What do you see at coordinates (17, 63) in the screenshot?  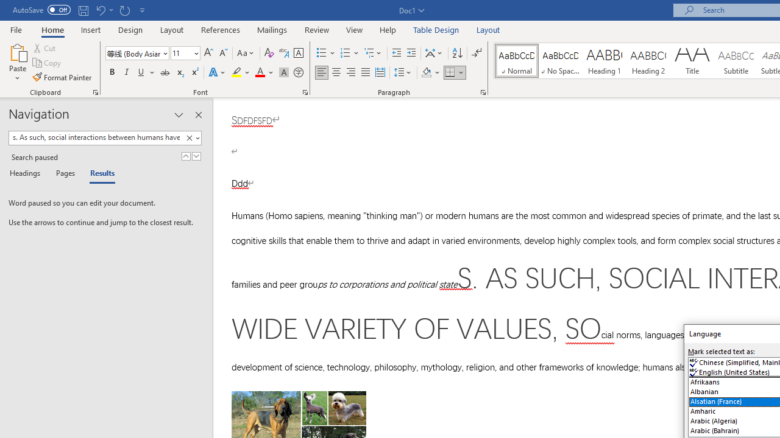 I see `'Paste'` at bounding box center [17, 63].